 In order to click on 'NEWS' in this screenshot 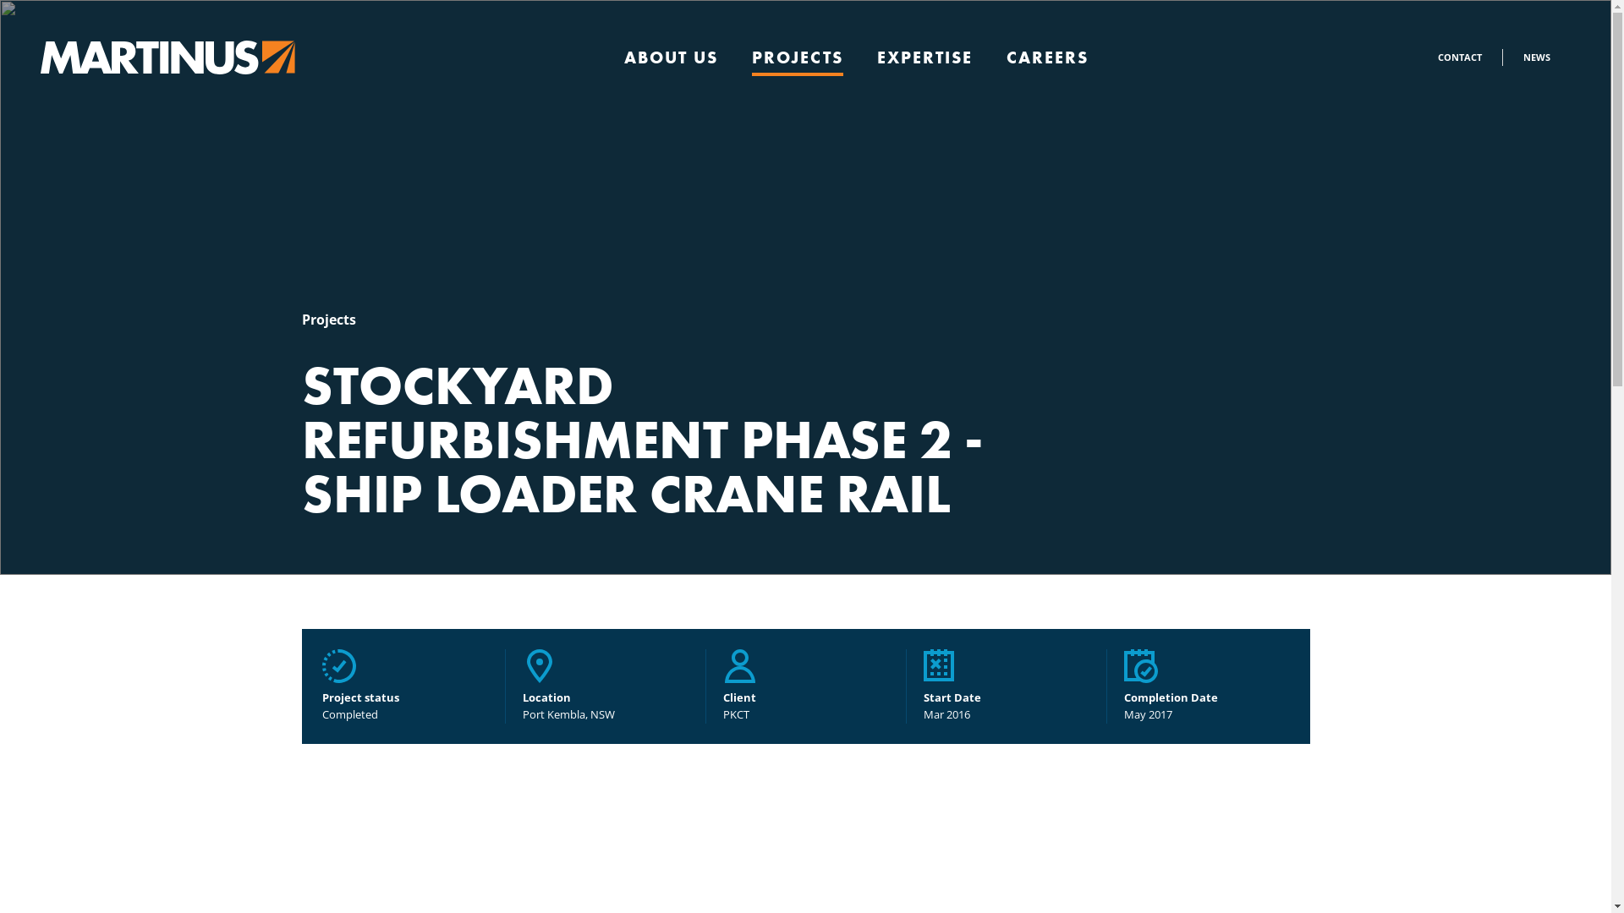, I will do `click(1537, 56)`.